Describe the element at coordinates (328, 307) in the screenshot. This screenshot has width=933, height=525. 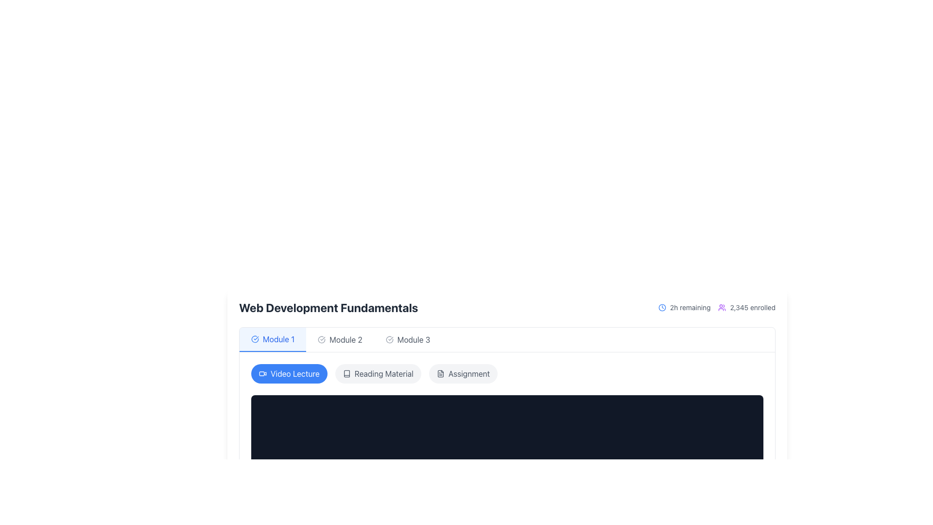
I see `text content of the heading displaying 'Web Development Fundamentals', which is in large, bold, black font and located at the top of the section` at that location.